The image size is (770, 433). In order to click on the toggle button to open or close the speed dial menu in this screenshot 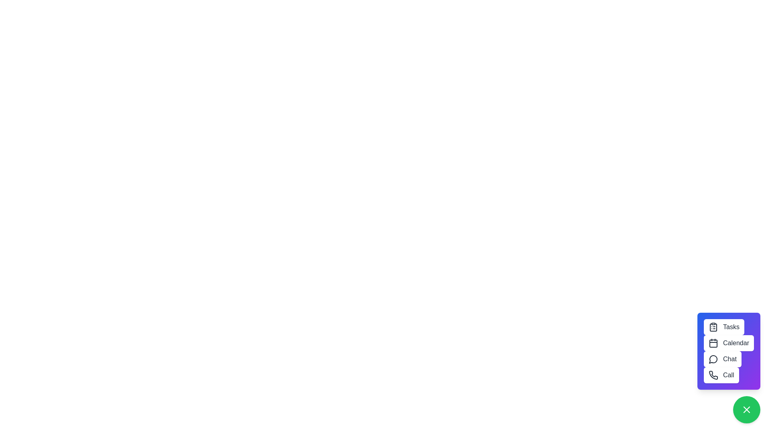, I will do `click(746, 410)`.